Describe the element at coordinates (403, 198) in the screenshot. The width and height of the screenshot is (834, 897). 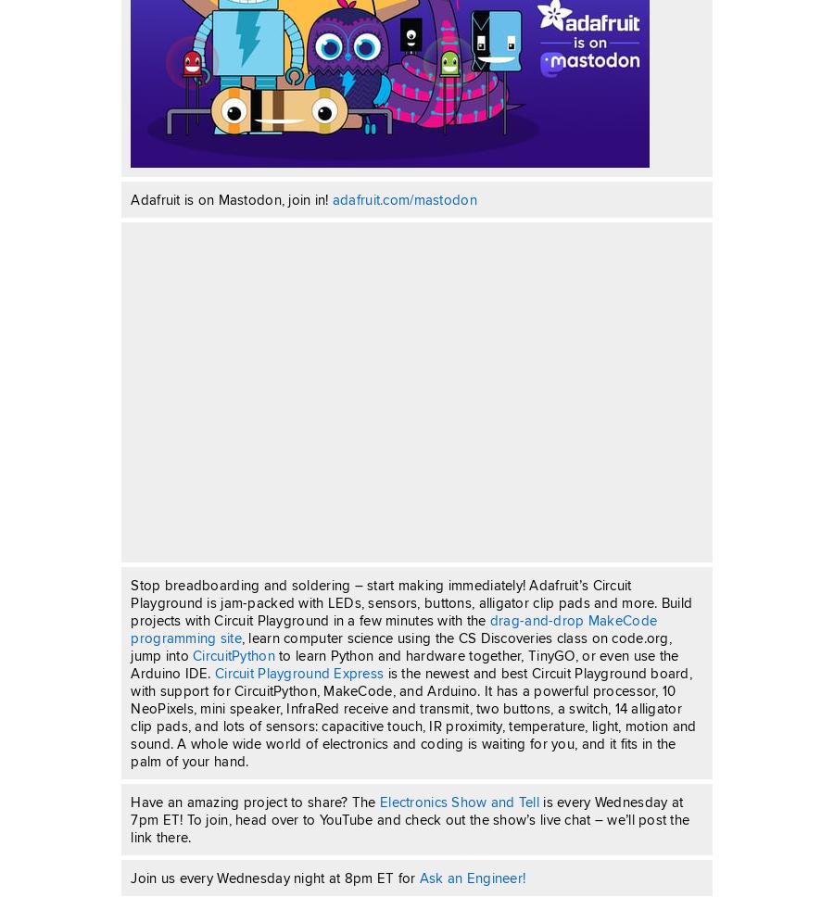
I see `'adafruit.com/mastodon'` at that location.